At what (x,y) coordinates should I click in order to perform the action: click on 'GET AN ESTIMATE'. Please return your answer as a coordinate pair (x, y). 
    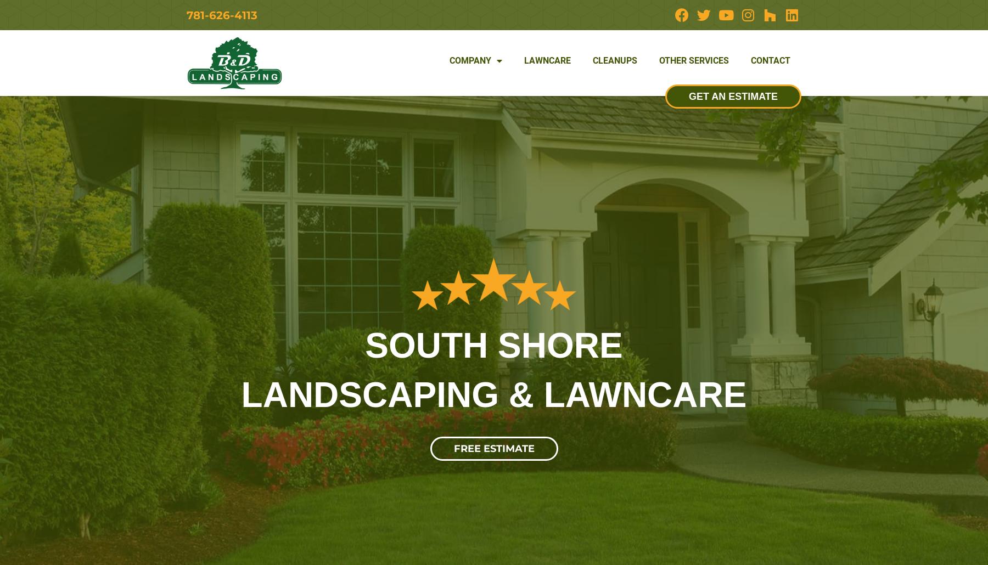
    Looking at the image, I should click on (733, 95).